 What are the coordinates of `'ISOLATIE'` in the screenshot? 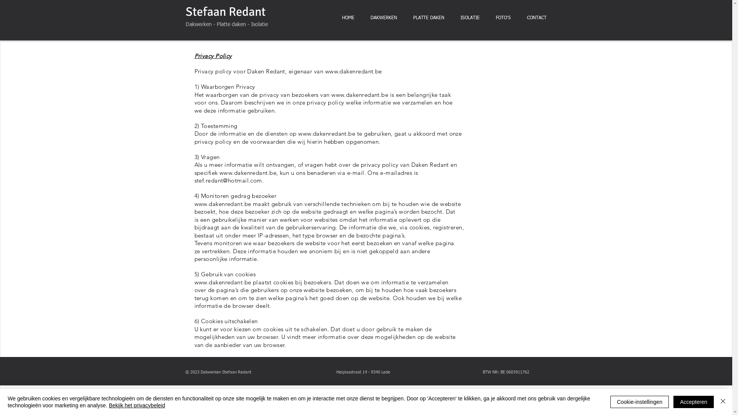 It's located at (452, 18).